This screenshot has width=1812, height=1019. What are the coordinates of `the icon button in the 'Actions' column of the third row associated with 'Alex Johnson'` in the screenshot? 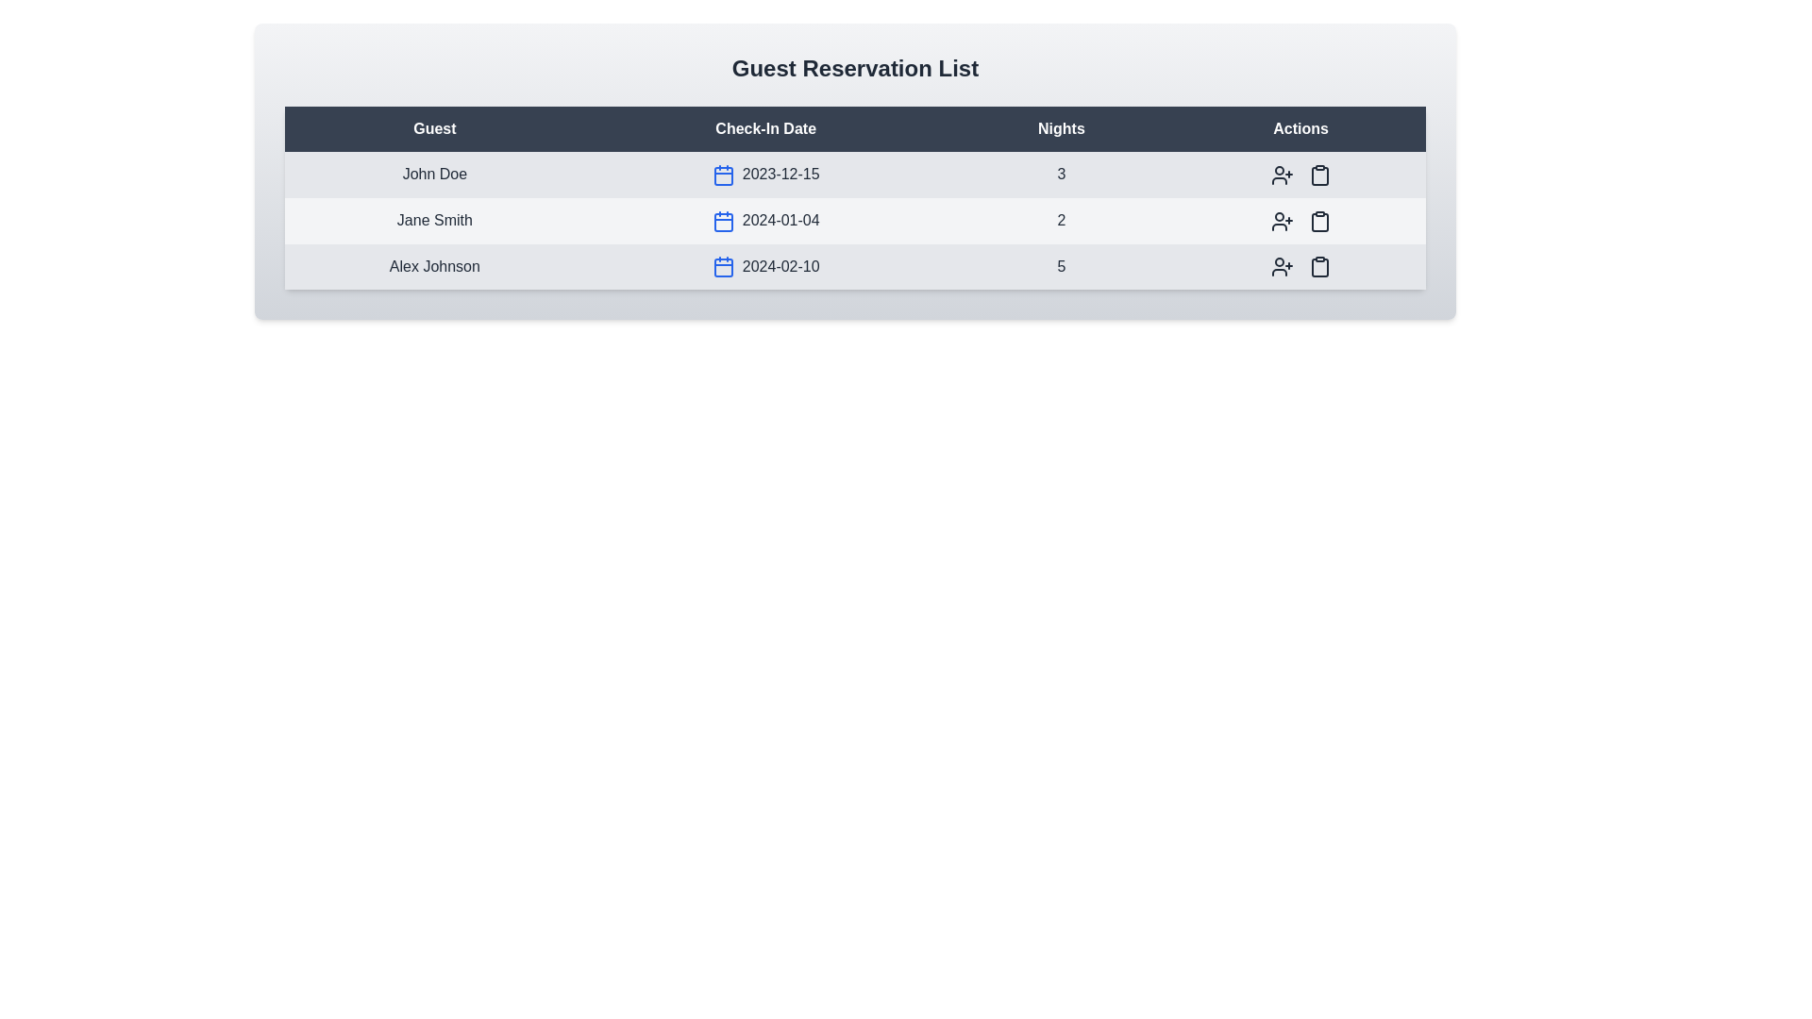 It's located at (1318, 266).